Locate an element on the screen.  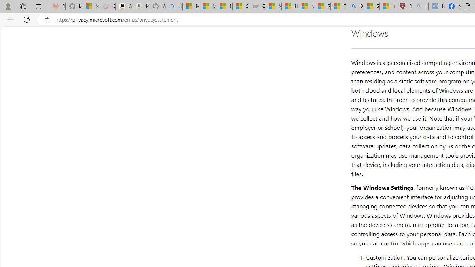
'How I Got Rid of Microsoft Edge' is located at coordinates (289, 6).